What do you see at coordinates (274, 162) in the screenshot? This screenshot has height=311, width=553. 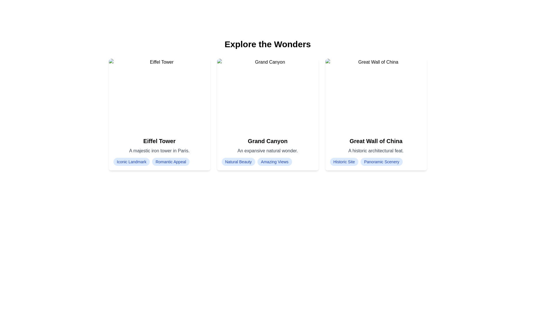 I see `the text content of the badge labeled 'Amazing Views' which is a small, horizontally-aligned label with rounded edges, located below the 'Grand Canyon' section and to the right of the 'Natural Beauty' tag` at bounding box center [274, 162].